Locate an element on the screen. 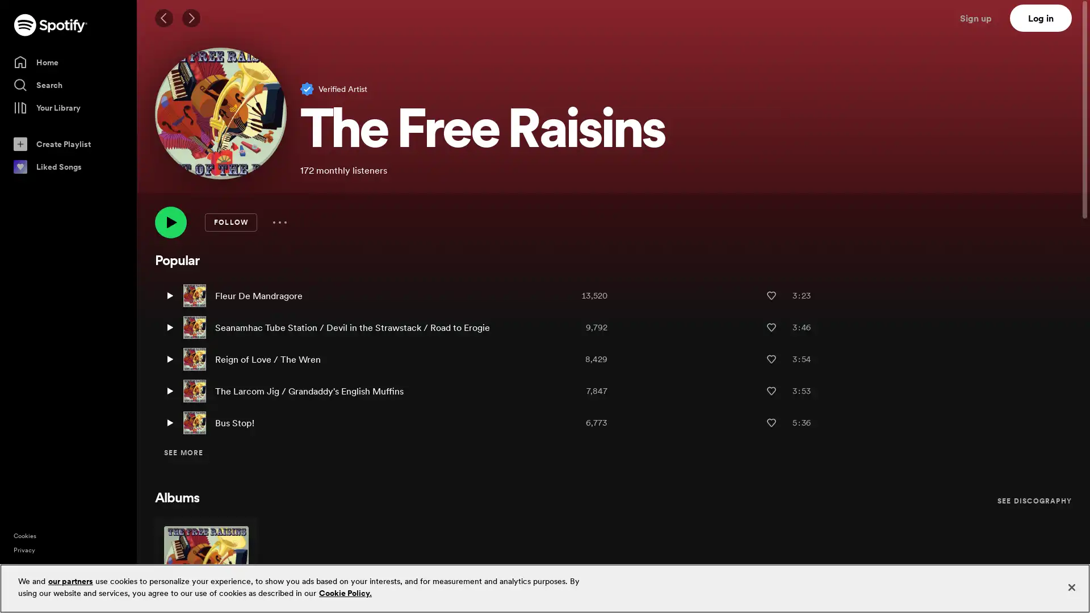 The image size is (1090, 613). Log in is located at coordinates (1041, 18).